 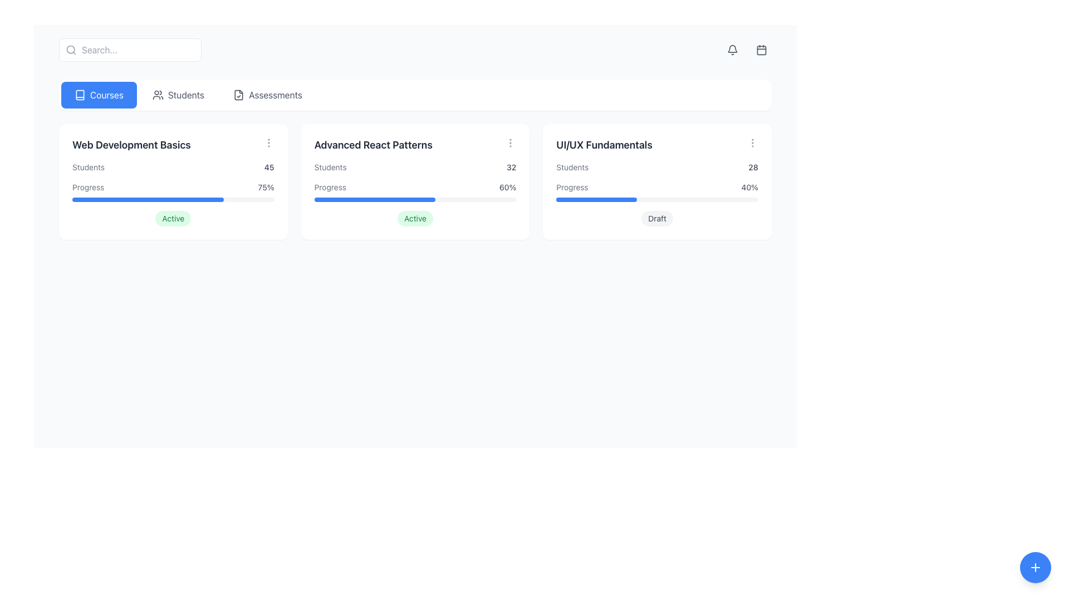 I want to click on the visual progress bar of the Progress indicator component, which displays a label 'Progress' and a filled blue portion indicating 40% completion, so click(x=657, y=191).